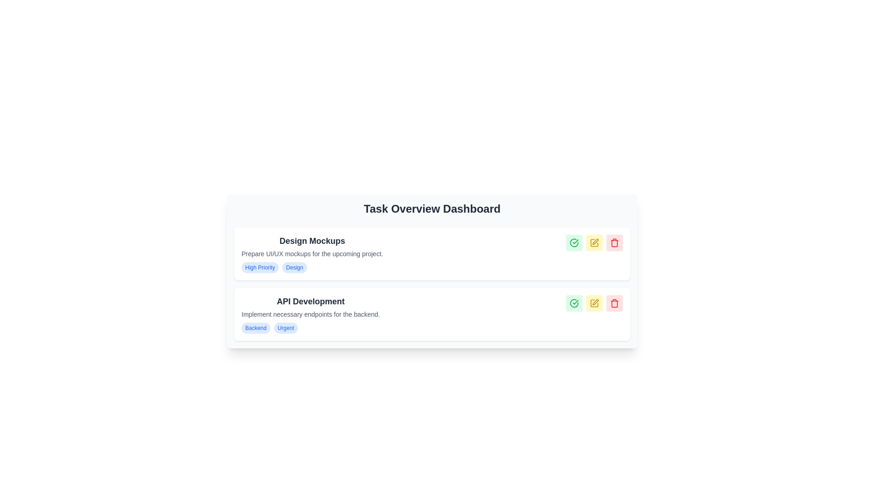 This screenshot has height=495, width=880. What do you see at coordinates (259, 267) in the screenshot?
I see `the 'High Priority' label located on the left side of the horizontal layout beneath the 'Design Mockups' task in the Task Overview Dashboard` at bounding box center [259, 267].